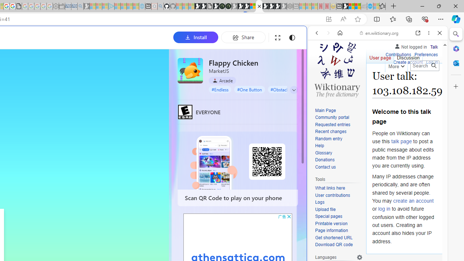 The width and height of the screenshot is (464, 261). Describe the element at coordinates (328, 216) in the screenshot. I see `'Special pages'` at that location.